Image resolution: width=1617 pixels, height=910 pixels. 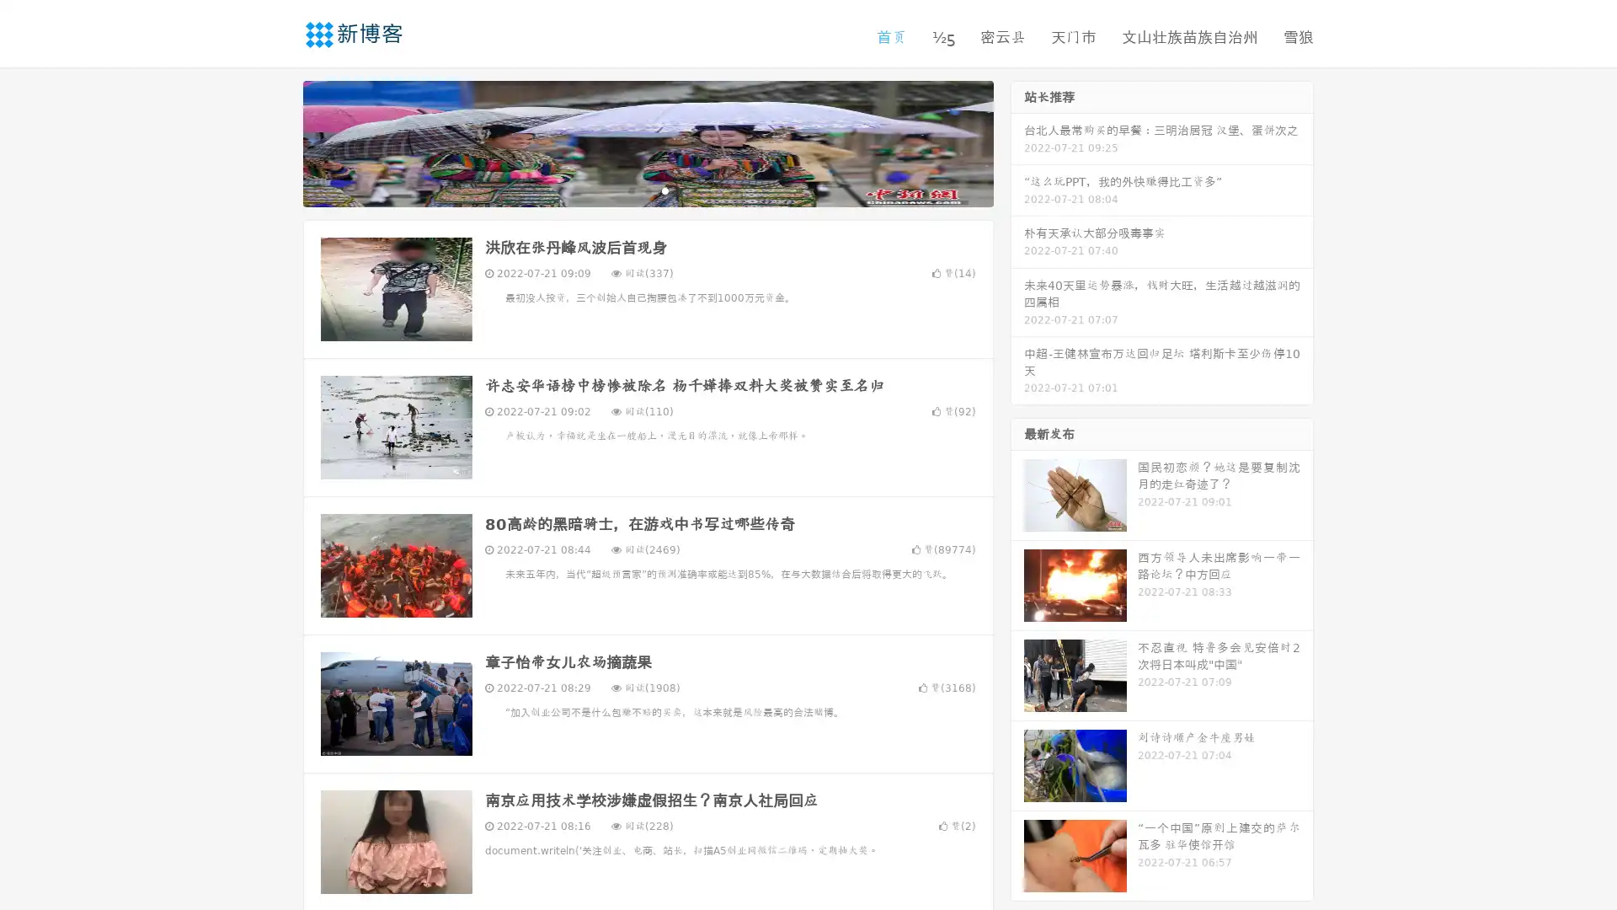 I want to click on Go to slide 1, so click(x=630, y=190).